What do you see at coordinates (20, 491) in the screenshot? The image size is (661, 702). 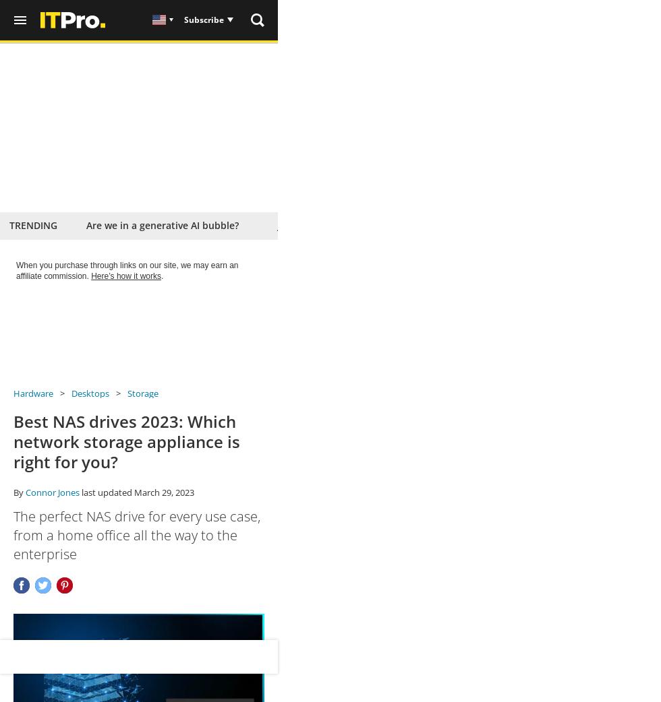 I see `'By'` at bounding box center [20, 491].